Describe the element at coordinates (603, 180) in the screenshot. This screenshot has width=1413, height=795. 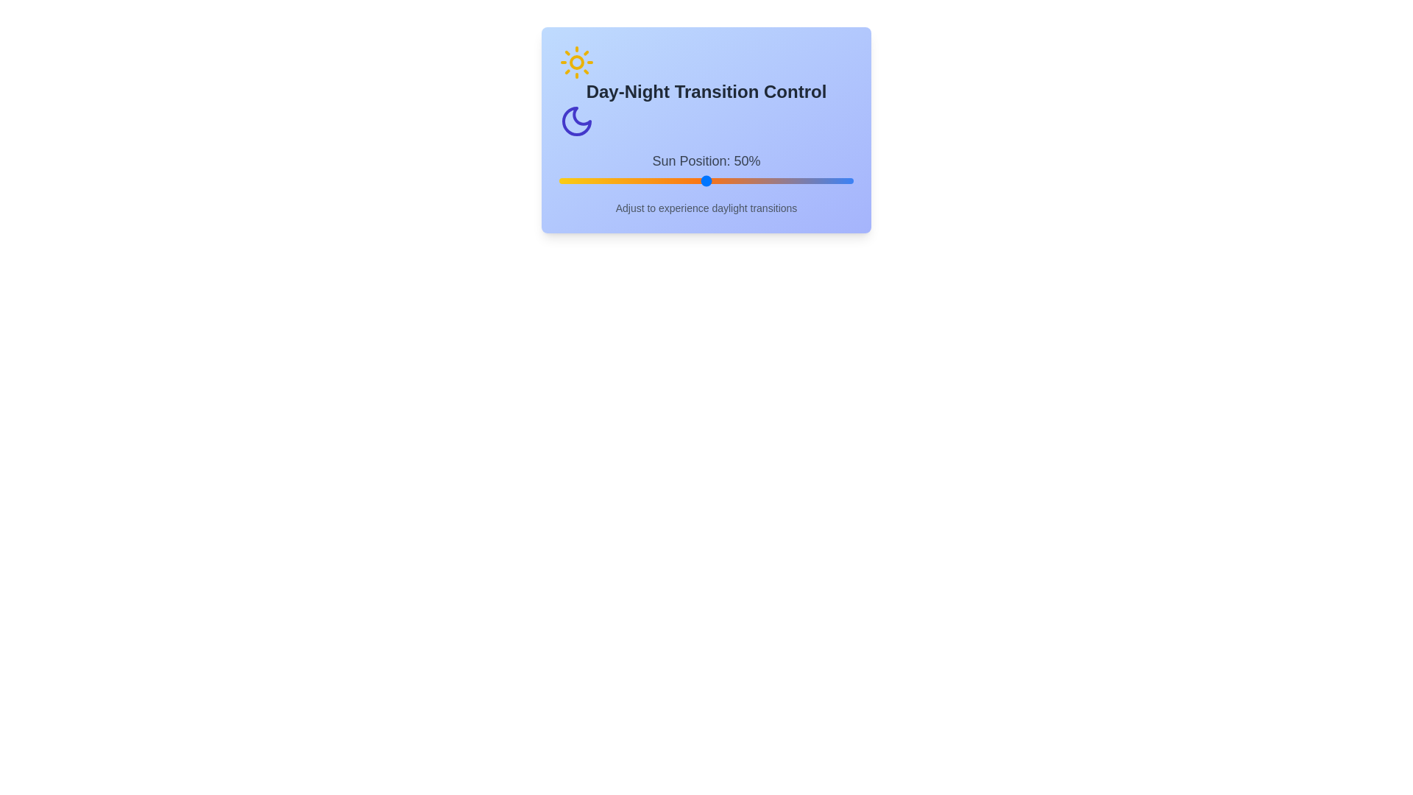
I see `the sun position slider to 15%` at that location.